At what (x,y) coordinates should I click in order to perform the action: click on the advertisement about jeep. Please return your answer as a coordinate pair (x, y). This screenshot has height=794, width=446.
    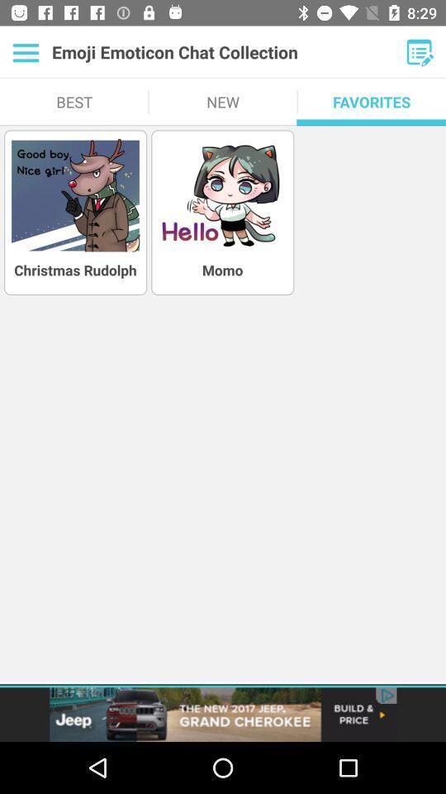
    Looking at the image, I should click on (223, 714).